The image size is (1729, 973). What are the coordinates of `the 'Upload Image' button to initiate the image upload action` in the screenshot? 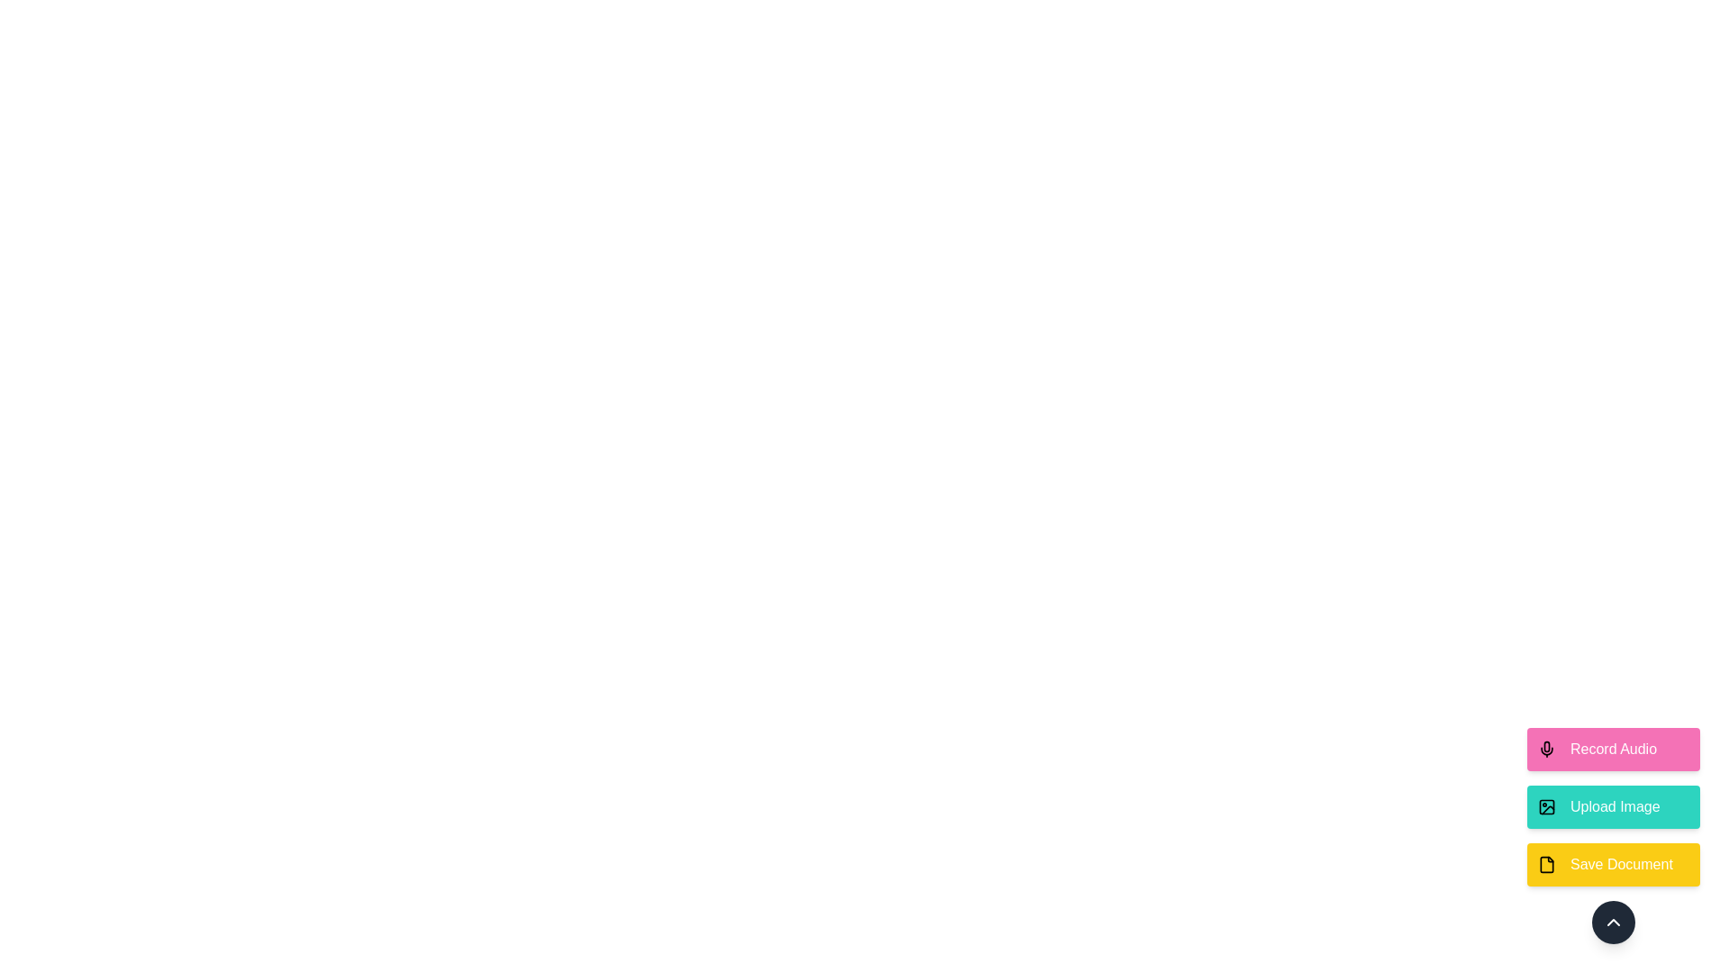 It's located at (1613, 805).